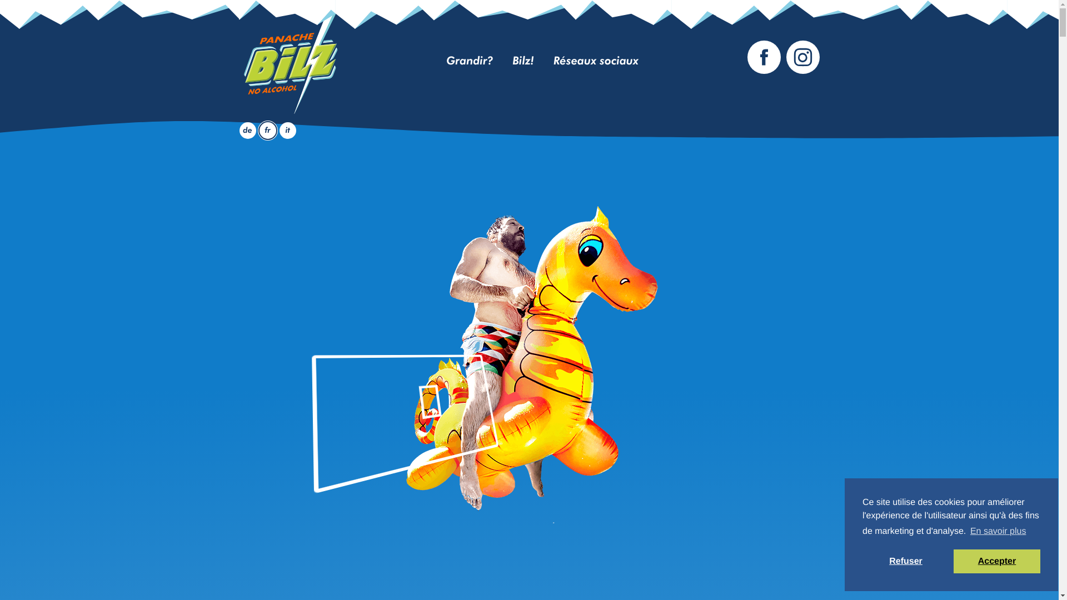 The image size is (1067, 600). Describe the element at coordinates (280, 130) in the screenshot. I see `'it'` at that location.